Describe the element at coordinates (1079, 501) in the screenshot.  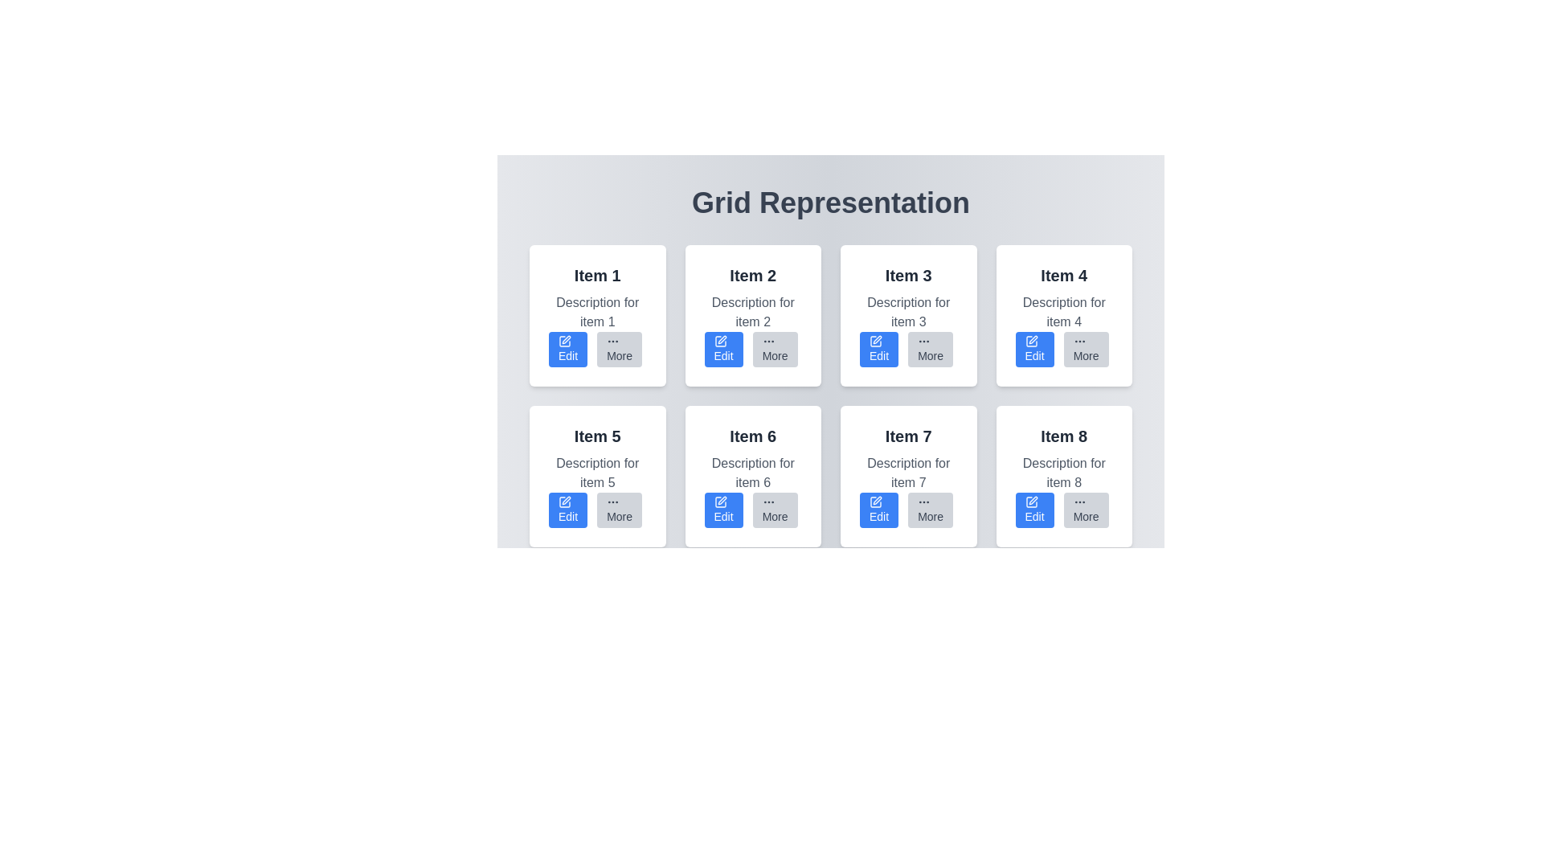
I see `the horizontally-aligned group of three equally spaced dots, styled with gray color, located within the 'More' button of the card for 'Item 8', positioned at the bottom-right corner of the card in a grid layout` at that location.